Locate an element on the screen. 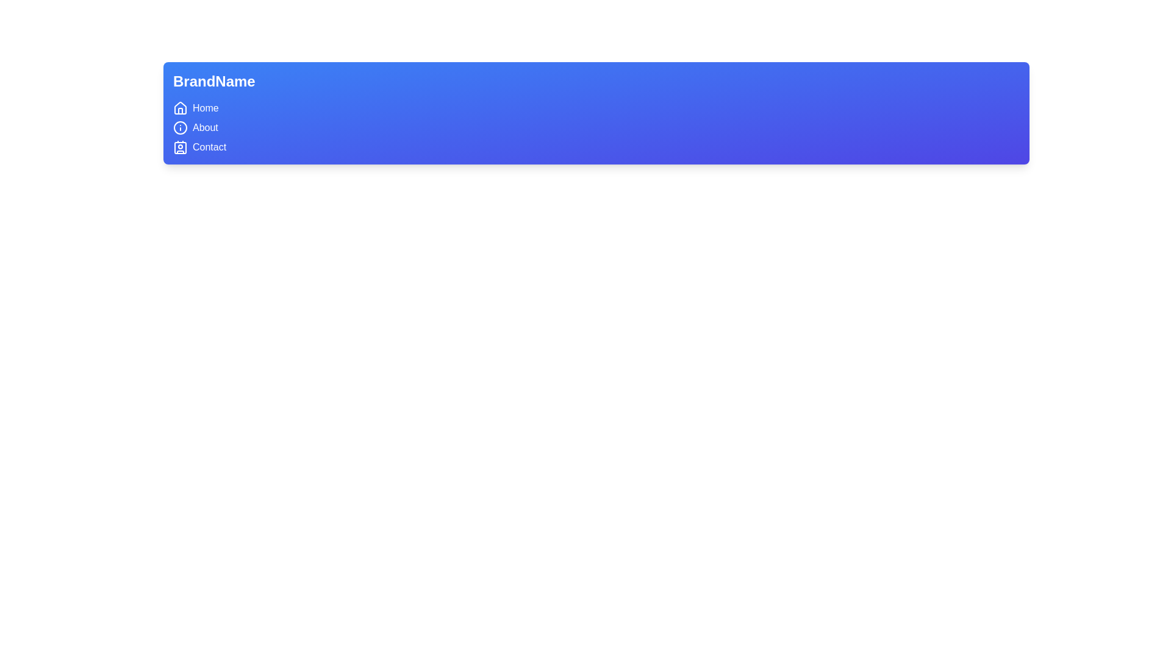 This screenshot has height=658, width=1171. 'About' section icon located in the vertical menu bar, which is the second icon beneath the home icon is located at coordinates (180, 127).